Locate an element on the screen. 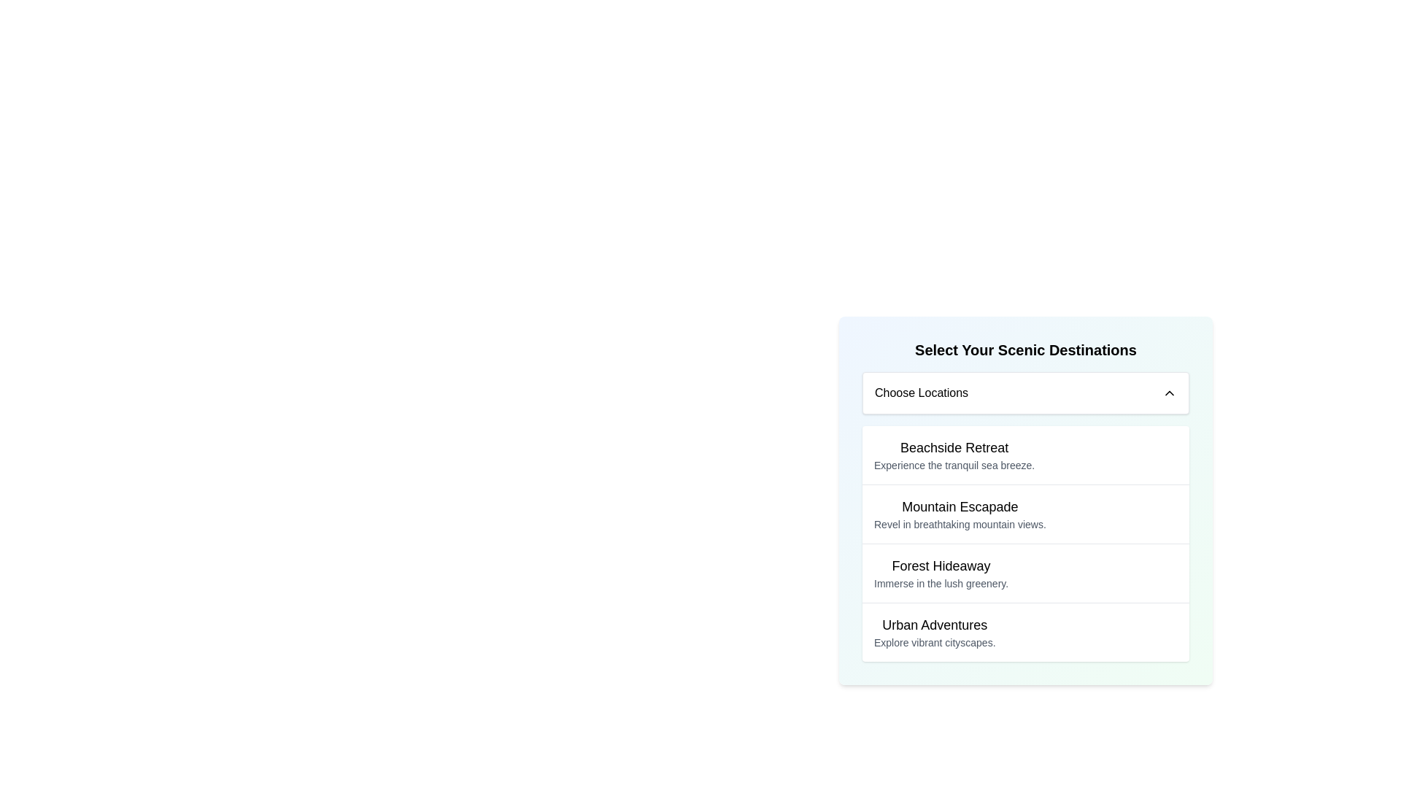  text display element titled 'Forest Hideaway' that describes 'Immerse in the lush greenery.' is located at coordinates (941, 573).